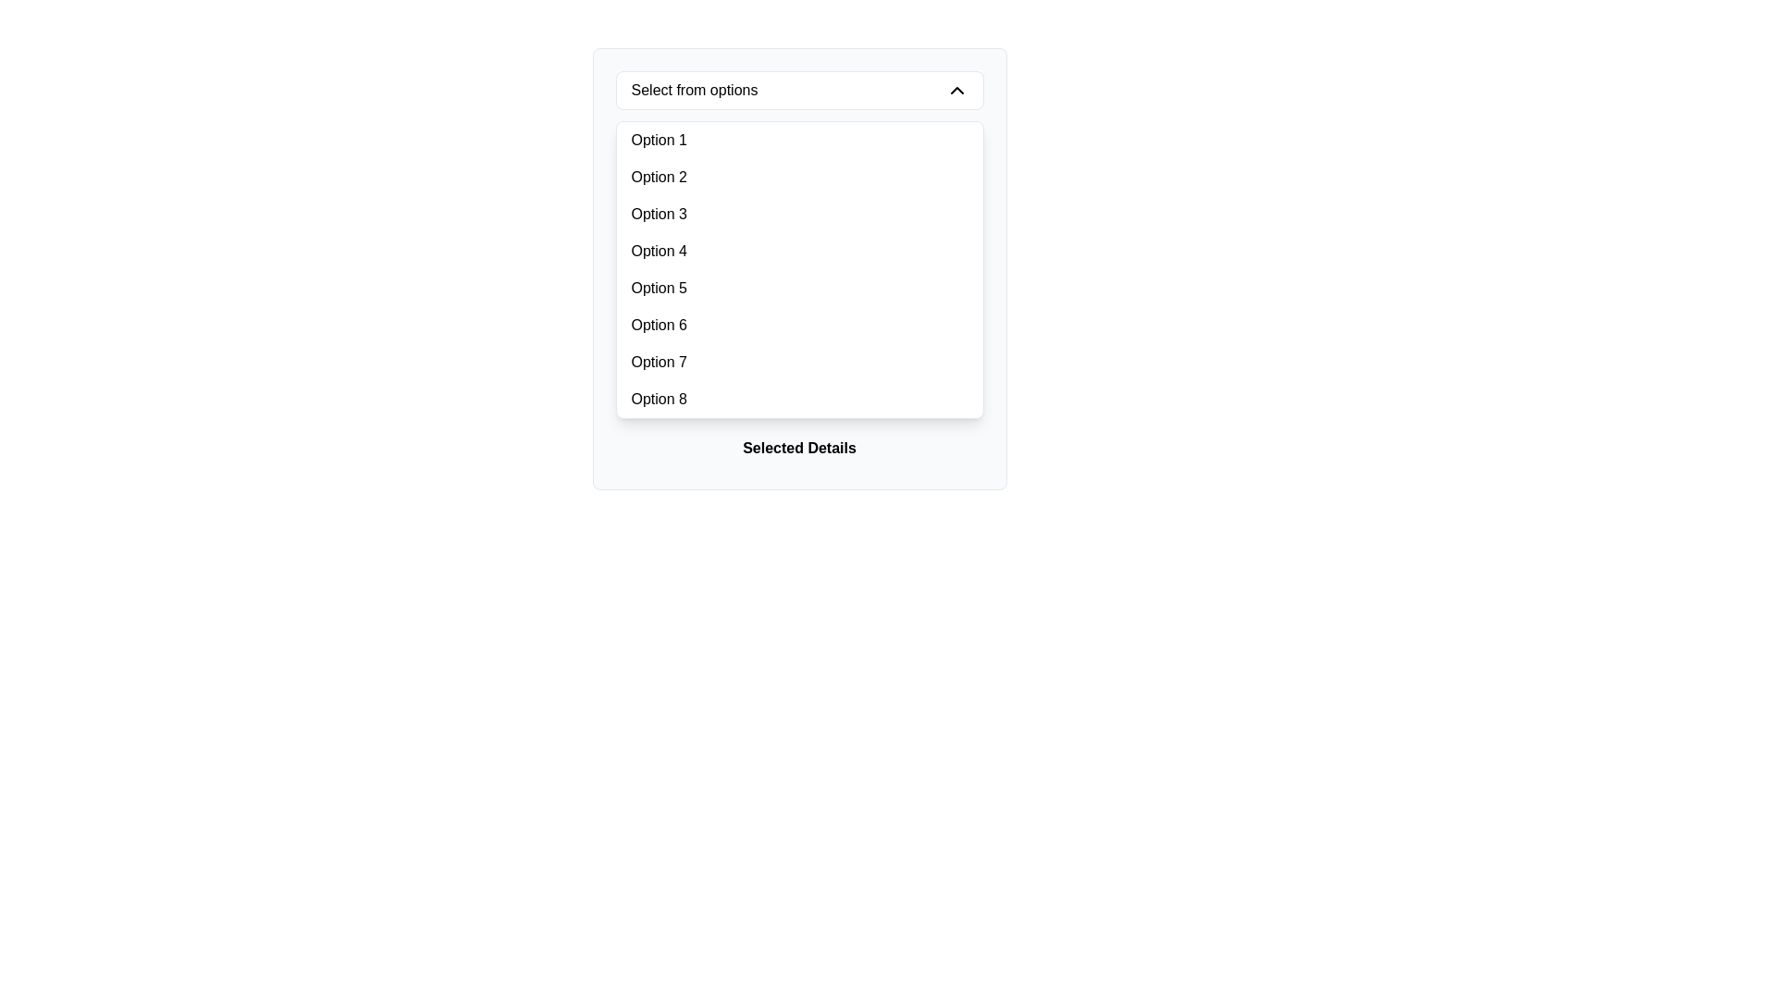 This screenshot has width=1776, height=999. What do you see at coordinates (658, 178) in the screenshot?
I see `the 'Option 2' text label within the dropdown menu` at bounding box center [658, 178].